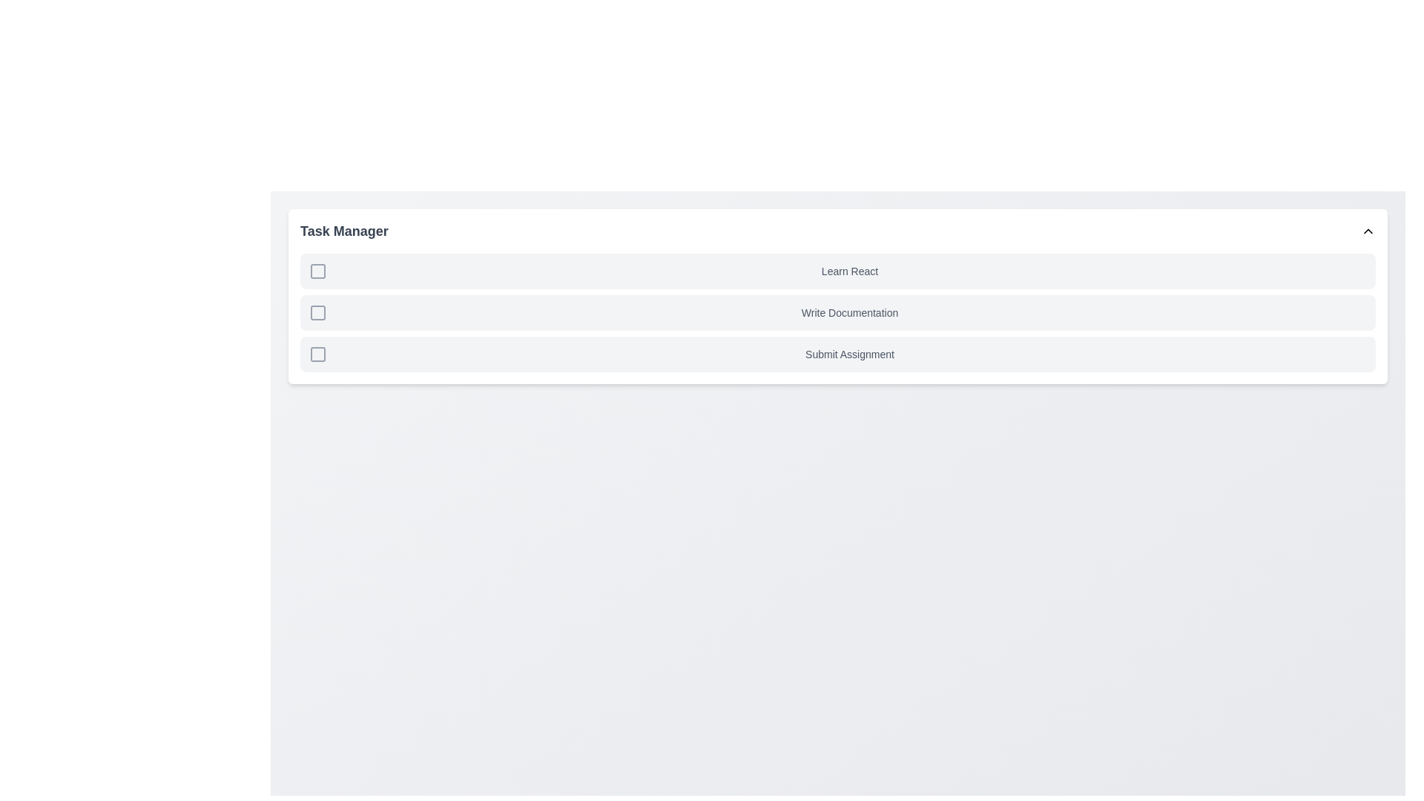 The image size is (1424, 801). What do you see at coordinates (1367, 231) in the screenshot?
I see `the toggle button to collapse or expand the task list` at bounding box center [1367, 231].